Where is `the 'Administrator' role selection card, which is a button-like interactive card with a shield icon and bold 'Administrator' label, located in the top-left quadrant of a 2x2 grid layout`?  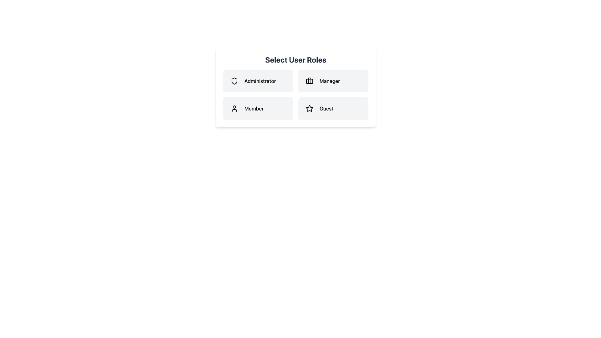
the 'Administrator' role selection card, which is a button-like interactive card with a shield icon and bold 'Administrator' label, located in the top-left quadrant of a 2x2 grid layout is located at coordinates (258, 80).